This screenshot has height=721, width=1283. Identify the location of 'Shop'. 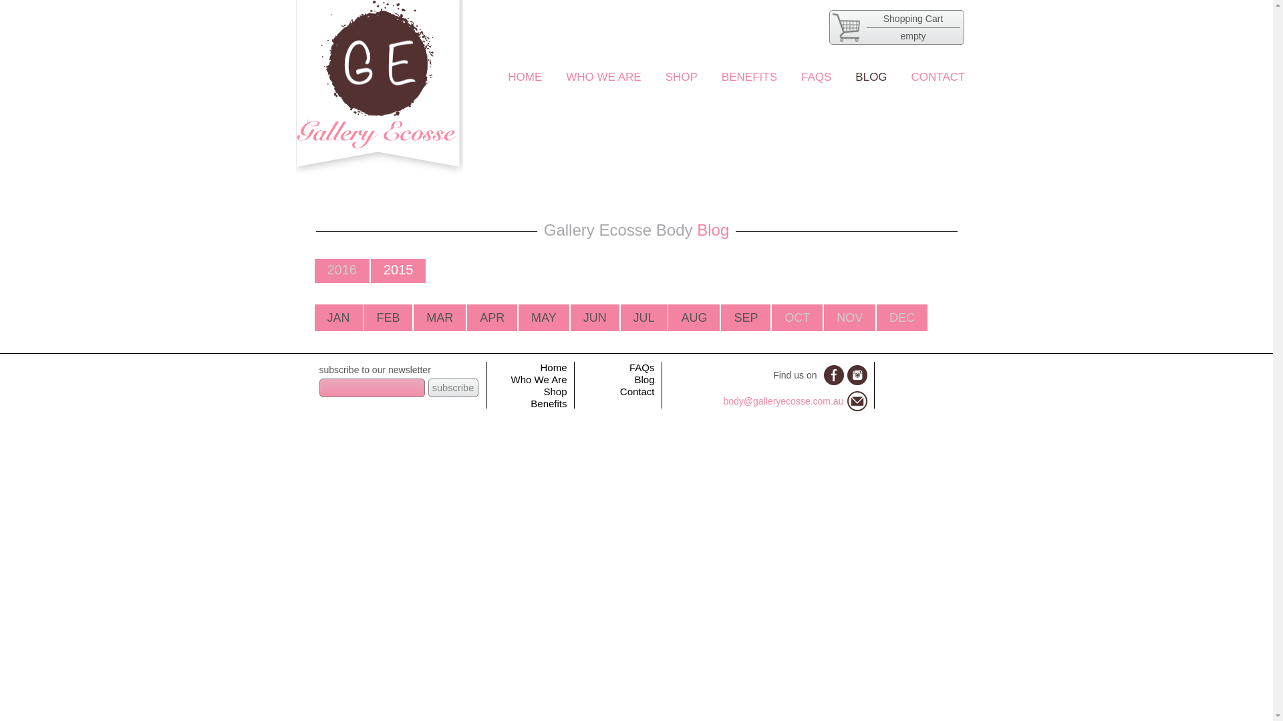
(555, 391).